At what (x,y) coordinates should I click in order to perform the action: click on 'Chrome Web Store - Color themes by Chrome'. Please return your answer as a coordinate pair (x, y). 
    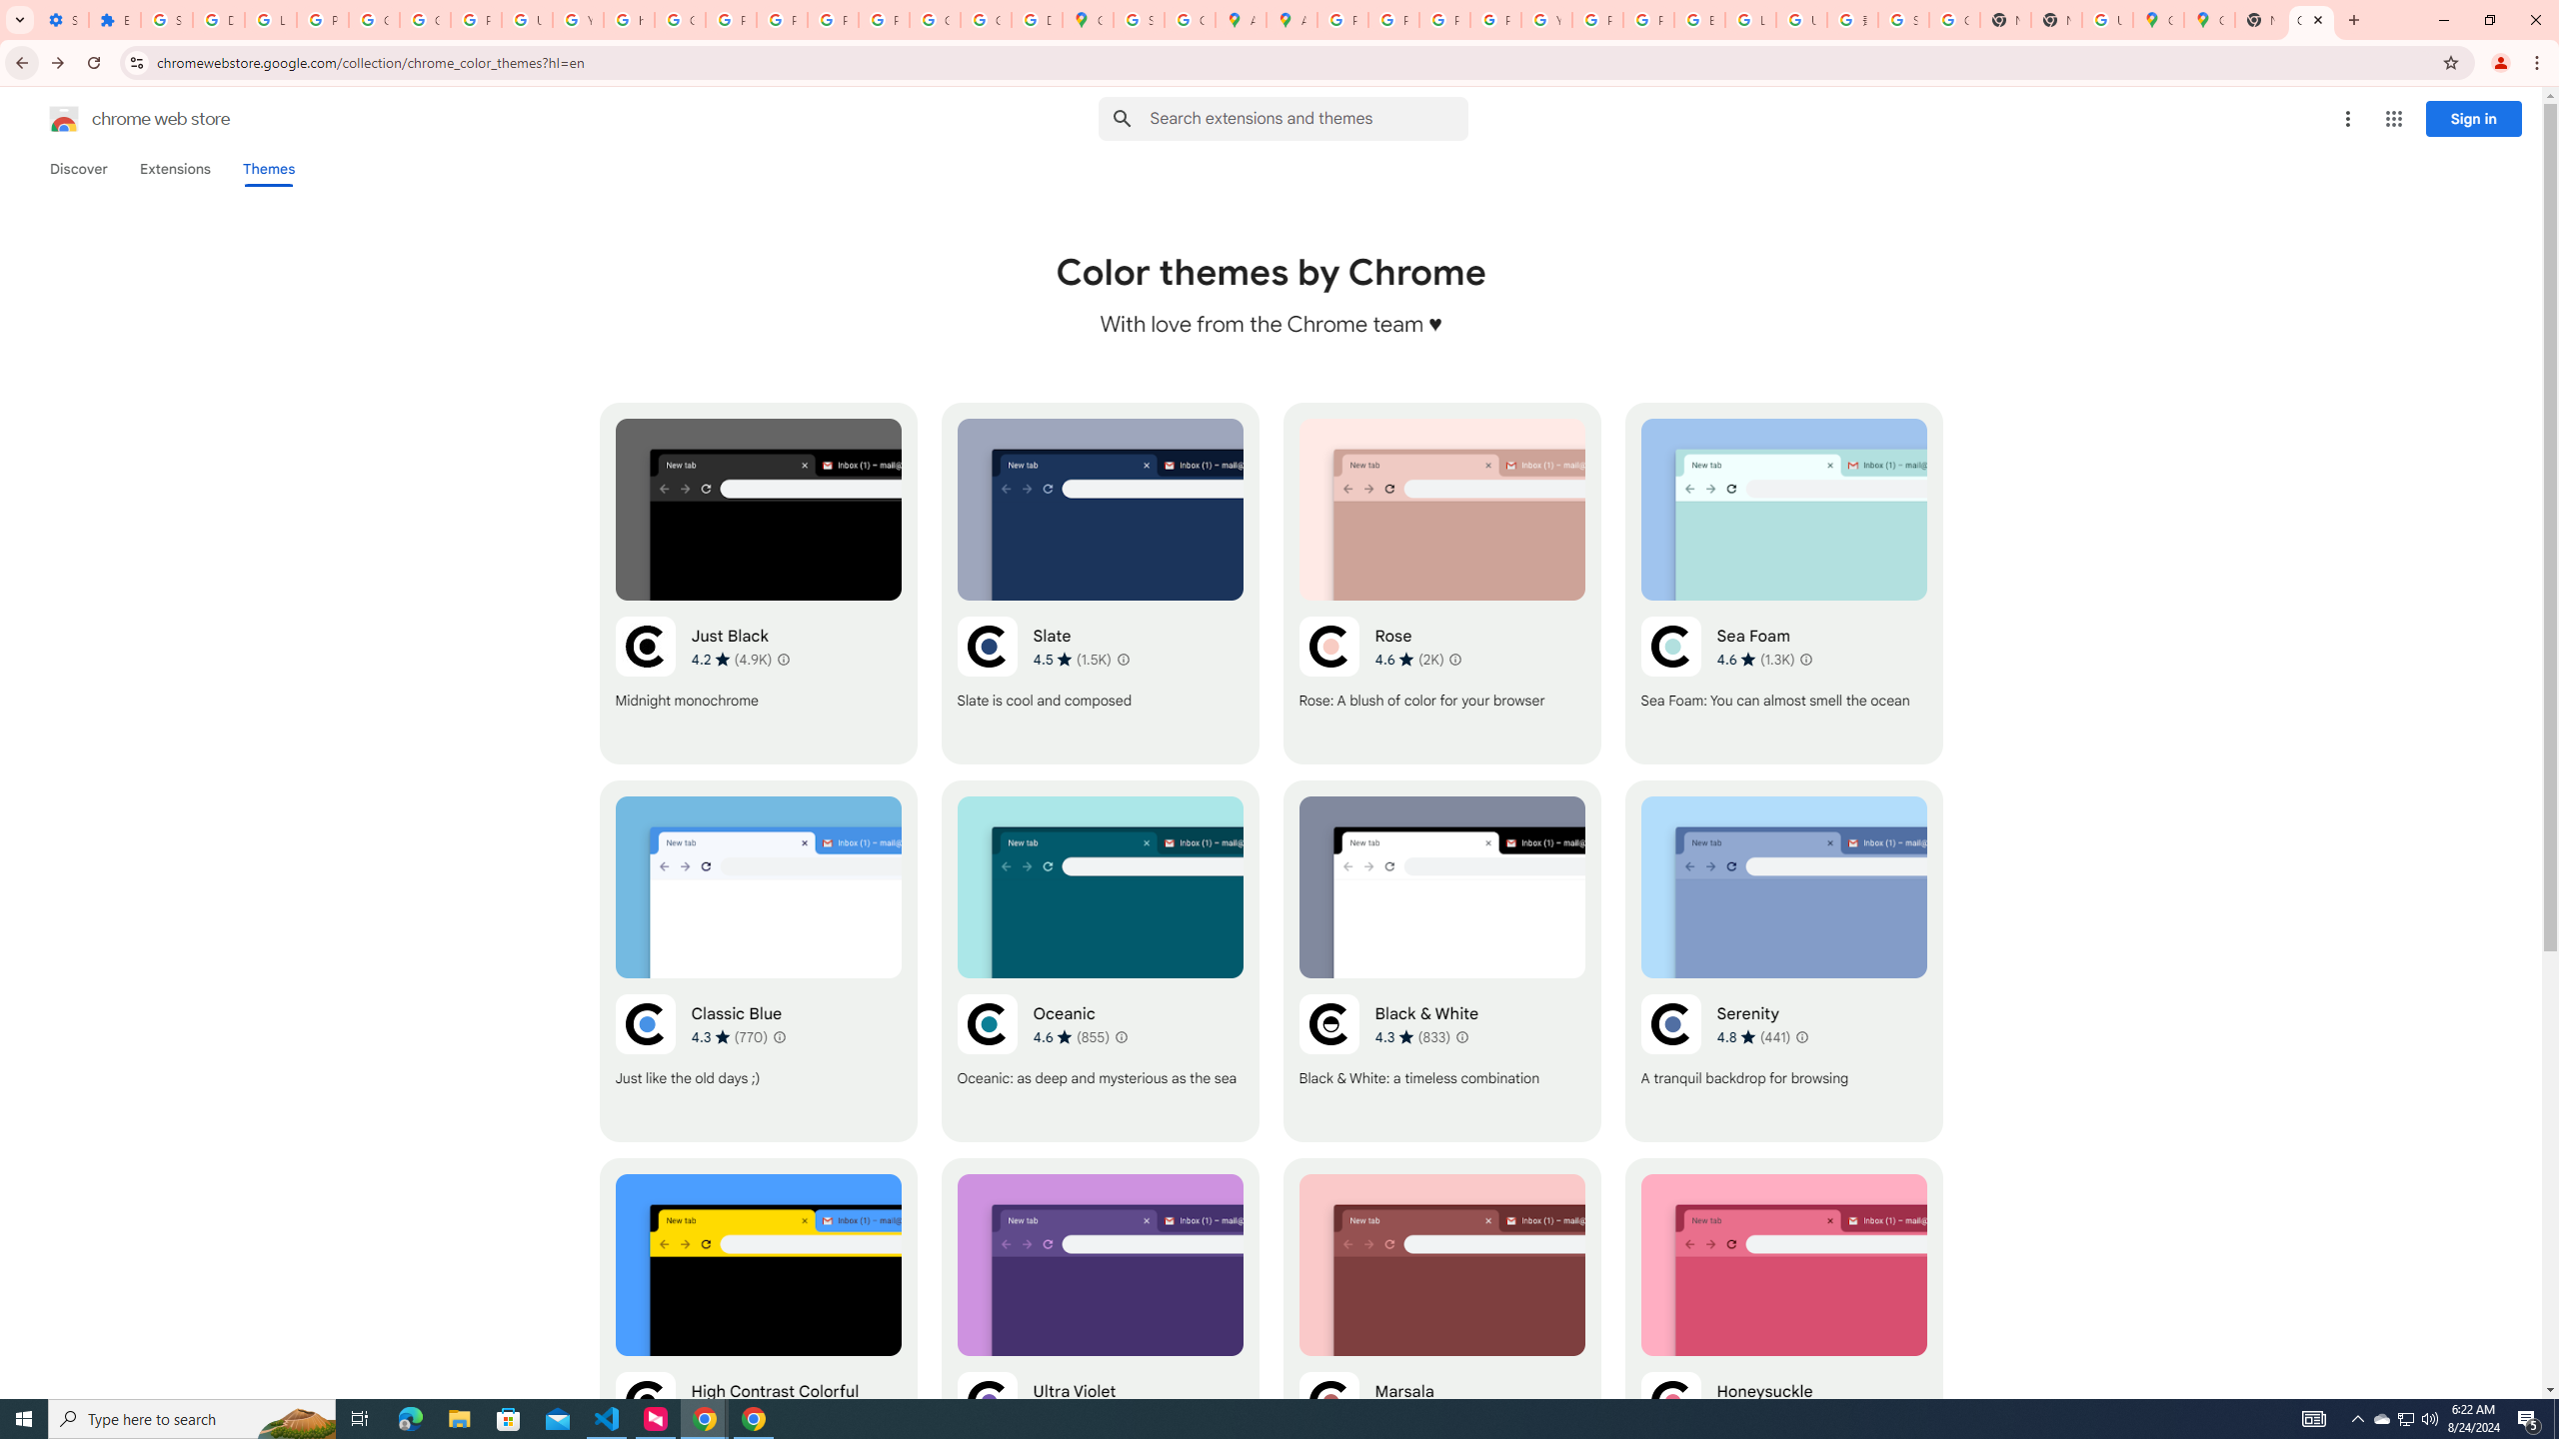
    Looking at the image, I should click on (2310, 19).